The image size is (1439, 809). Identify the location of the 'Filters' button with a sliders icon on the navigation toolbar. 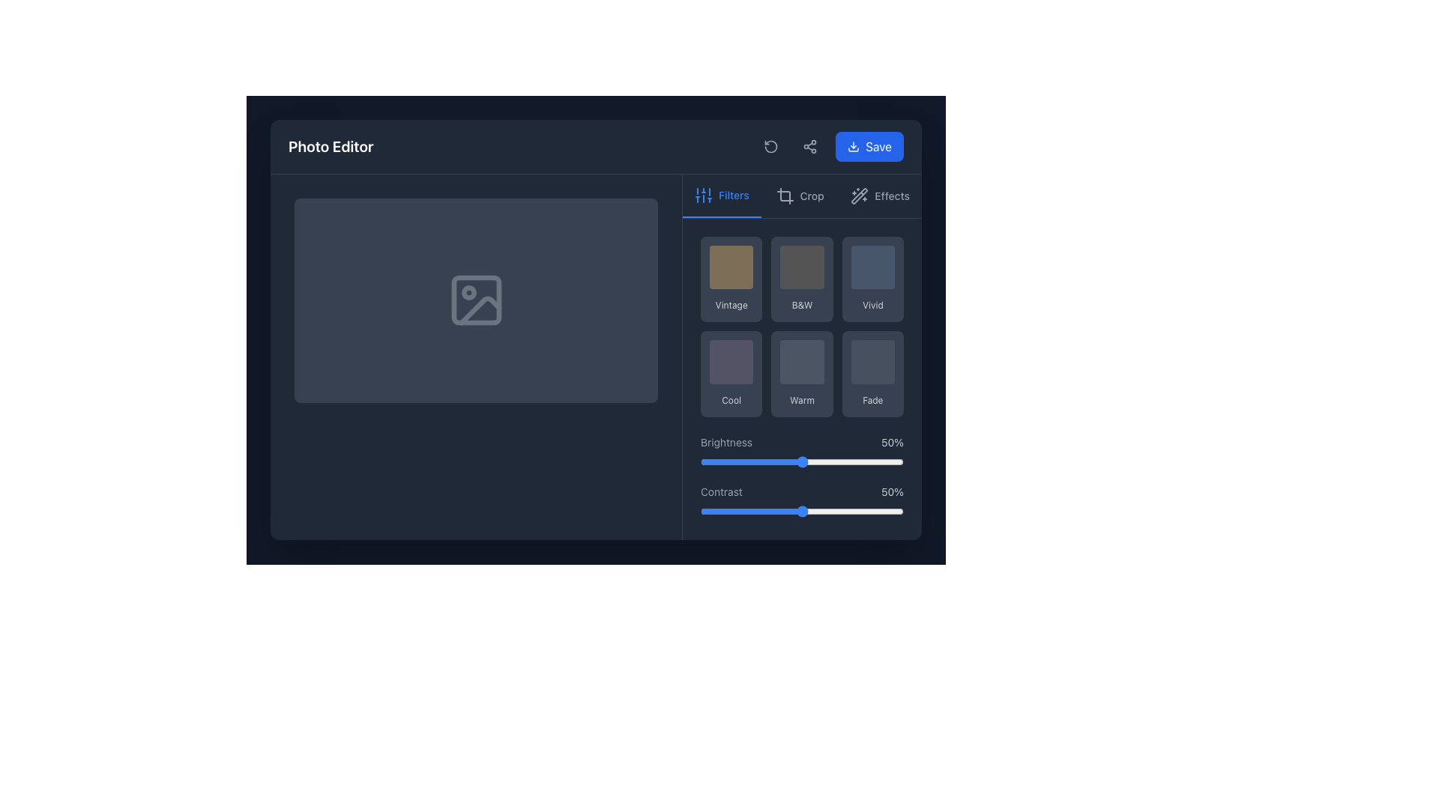
(722, 196).